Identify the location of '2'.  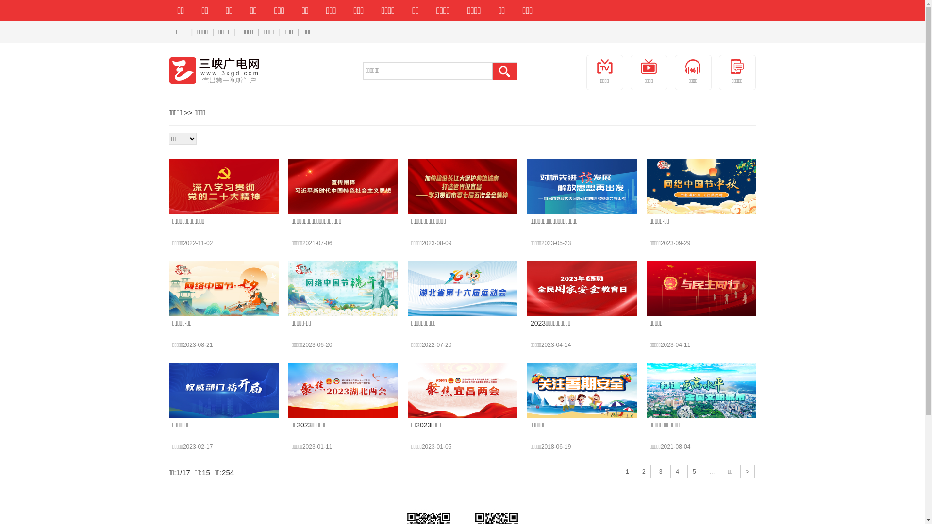
(636, 471).